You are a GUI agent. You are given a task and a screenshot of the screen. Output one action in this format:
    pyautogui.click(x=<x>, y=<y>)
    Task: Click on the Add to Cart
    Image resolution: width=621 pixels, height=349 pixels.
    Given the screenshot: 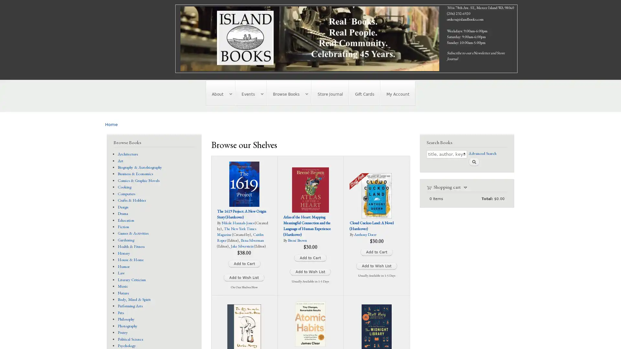 What is the action you would take?
    pyautogui.click(x=310, y=258)
    